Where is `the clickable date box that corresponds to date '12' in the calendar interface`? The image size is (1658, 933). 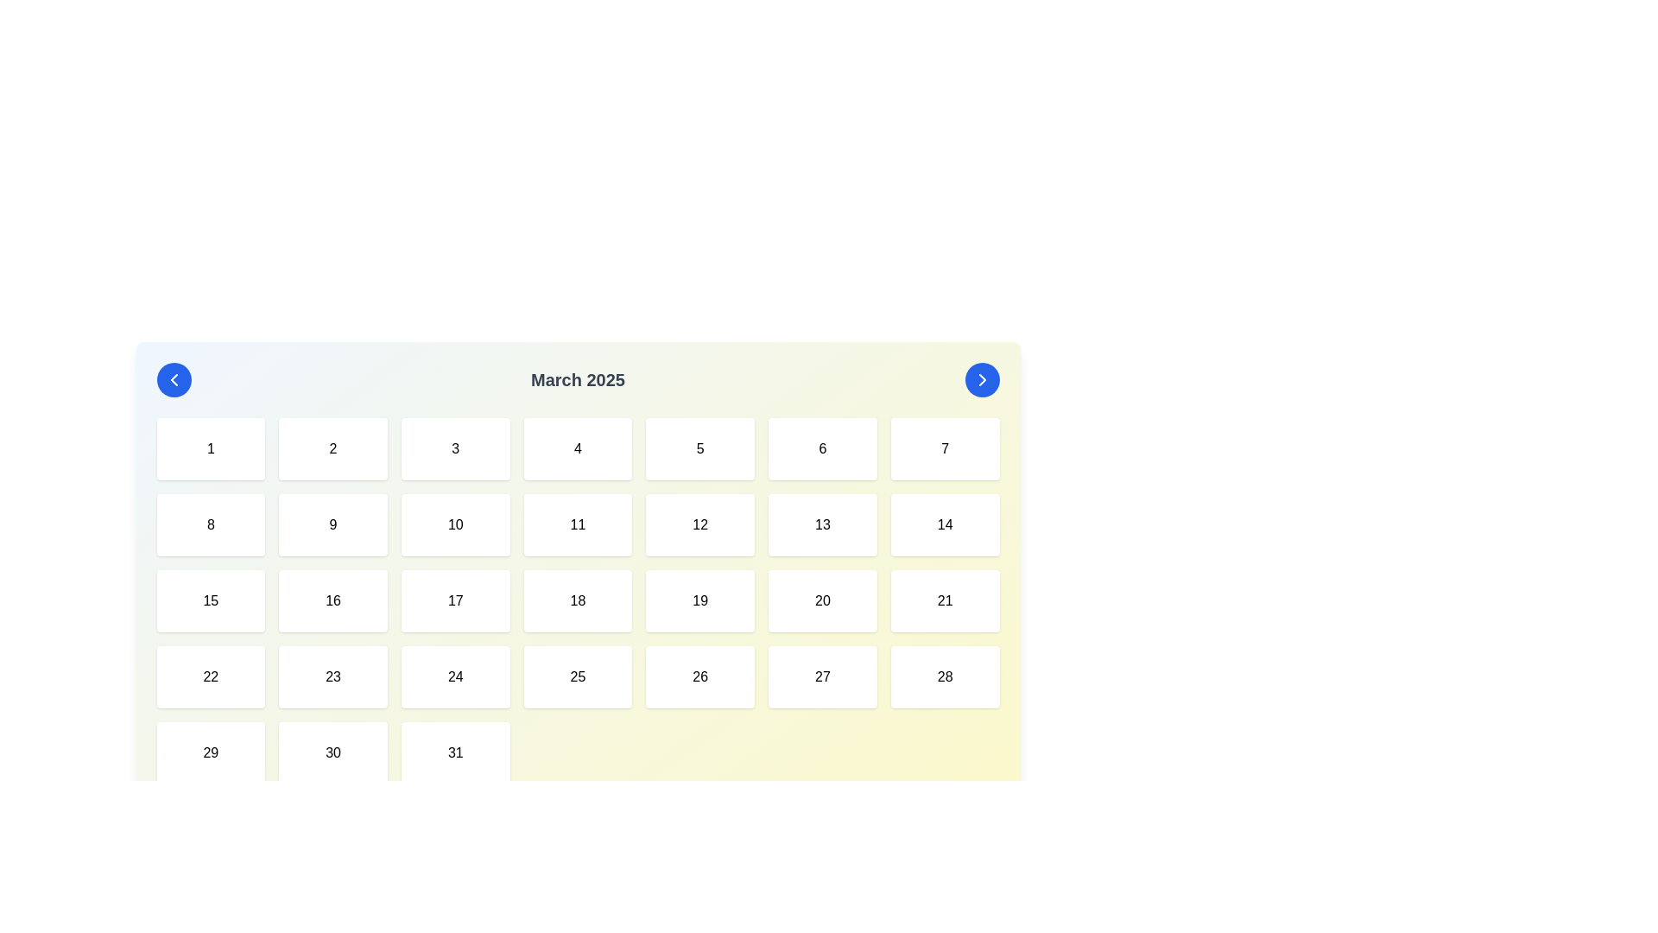 the clickable date box that corresponds to date '12' in the calendar interface is located at coordinates (700, 524).